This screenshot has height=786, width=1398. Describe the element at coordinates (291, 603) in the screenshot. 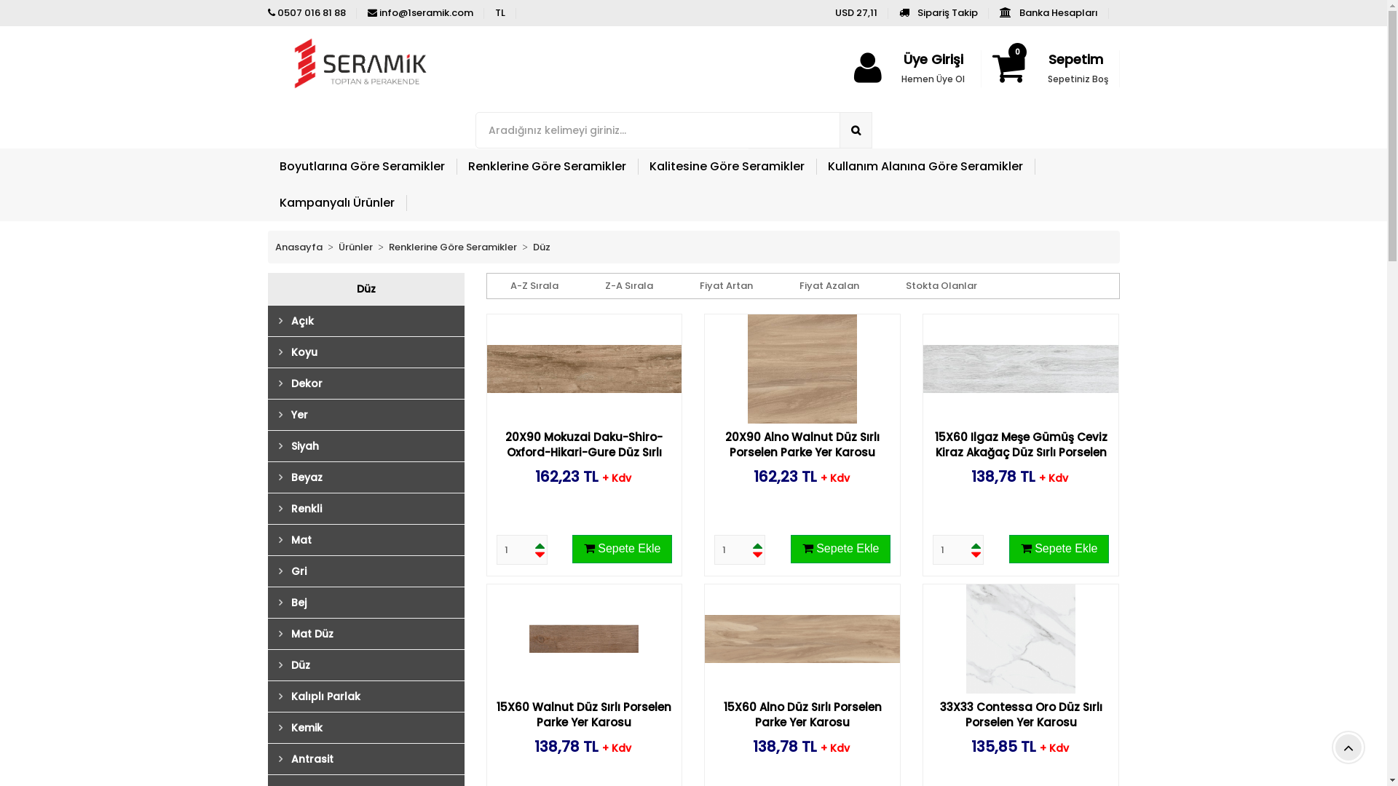

I see `'Bej'` at that location.